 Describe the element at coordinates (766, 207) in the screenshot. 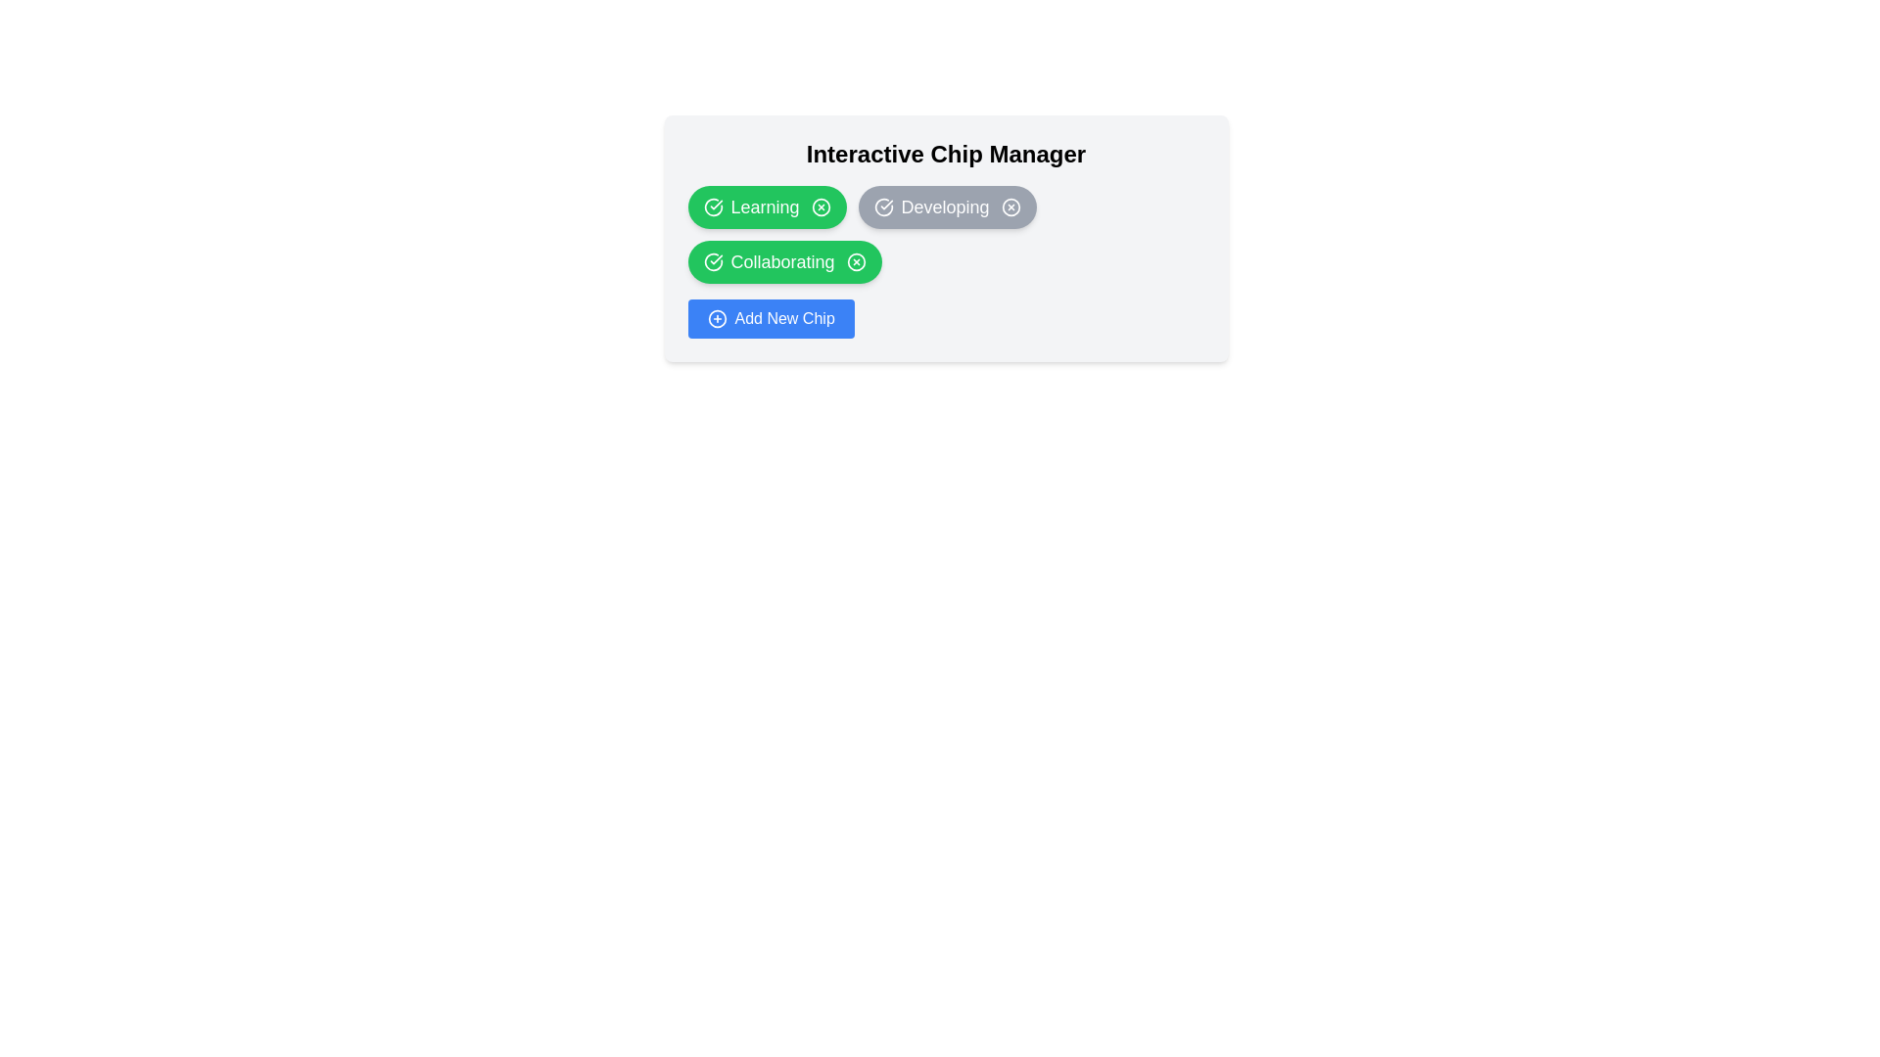

I see `the interactive icons within the 'Learning' Tag button to interact with it` at that location.